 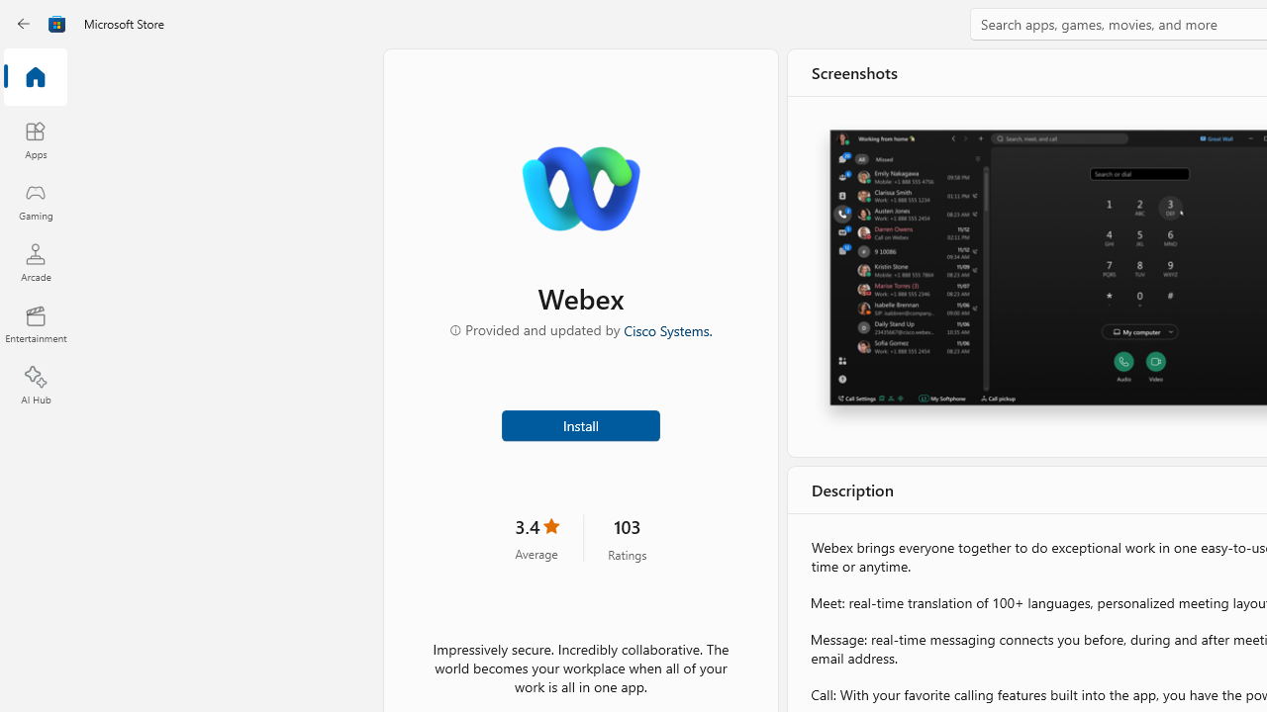 What do you see at coordinates (24, 24) in the screenshot?
I see `'Back'` at bounding box center [24, 24].